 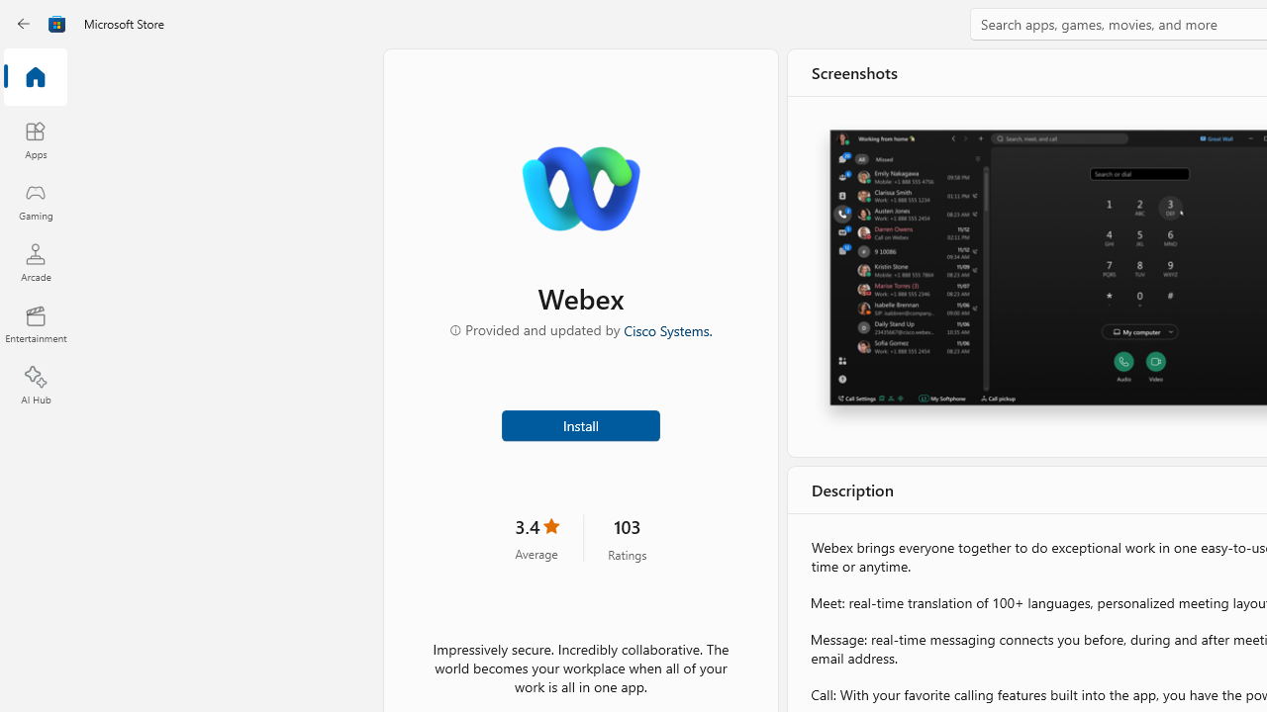 What do you see at coordinates (24, 24) in the screenshot?
I see `'Back'` at bounding box center [24, 24].